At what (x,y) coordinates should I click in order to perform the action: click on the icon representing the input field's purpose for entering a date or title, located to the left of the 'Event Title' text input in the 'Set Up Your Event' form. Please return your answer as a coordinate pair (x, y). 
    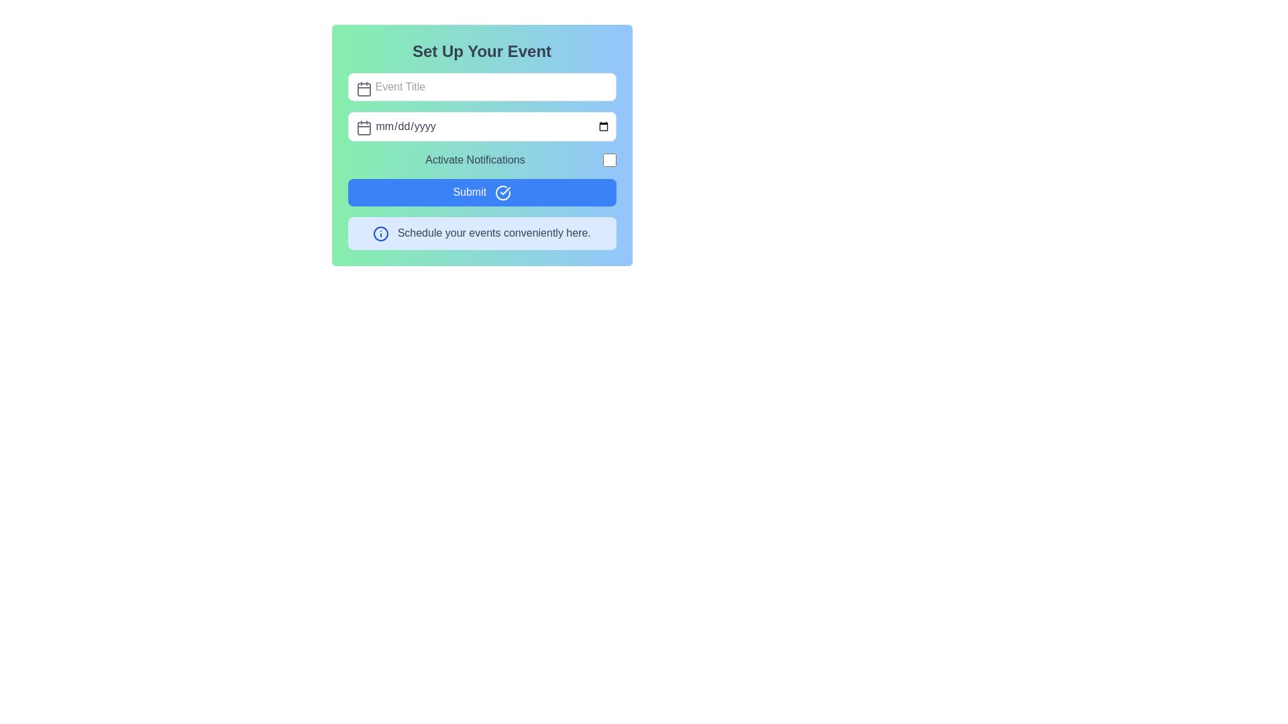
    Looking at the image, I should click on (364, 88).